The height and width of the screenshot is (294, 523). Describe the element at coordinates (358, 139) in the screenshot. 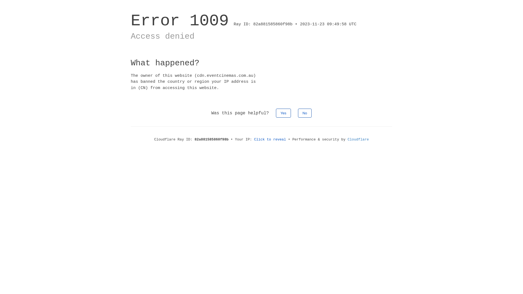

I see `'Cloudflare'` at that location.